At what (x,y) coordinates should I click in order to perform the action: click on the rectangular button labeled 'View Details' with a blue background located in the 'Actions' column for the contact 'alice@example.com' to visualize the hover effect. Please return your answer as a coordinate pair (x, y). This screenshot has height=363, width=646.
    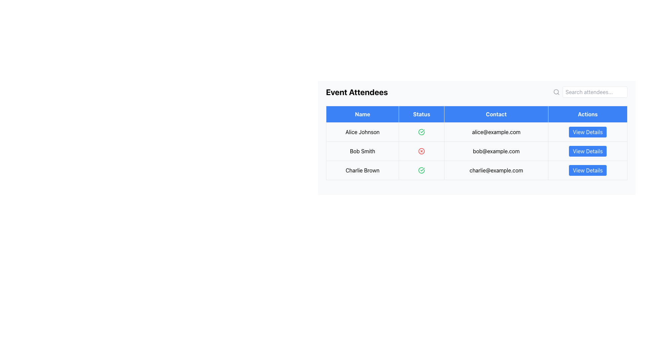
    Looking at the image, I should click on (587, 132).